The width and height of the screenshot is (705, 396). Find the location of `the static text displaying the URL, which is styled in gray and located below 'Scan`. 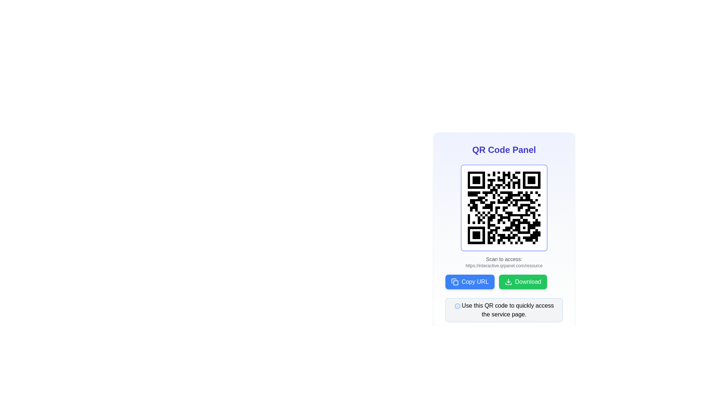

the static text displaying the URL, which is styled in gray and located below 'Scan is located at coordinates (503, 266).